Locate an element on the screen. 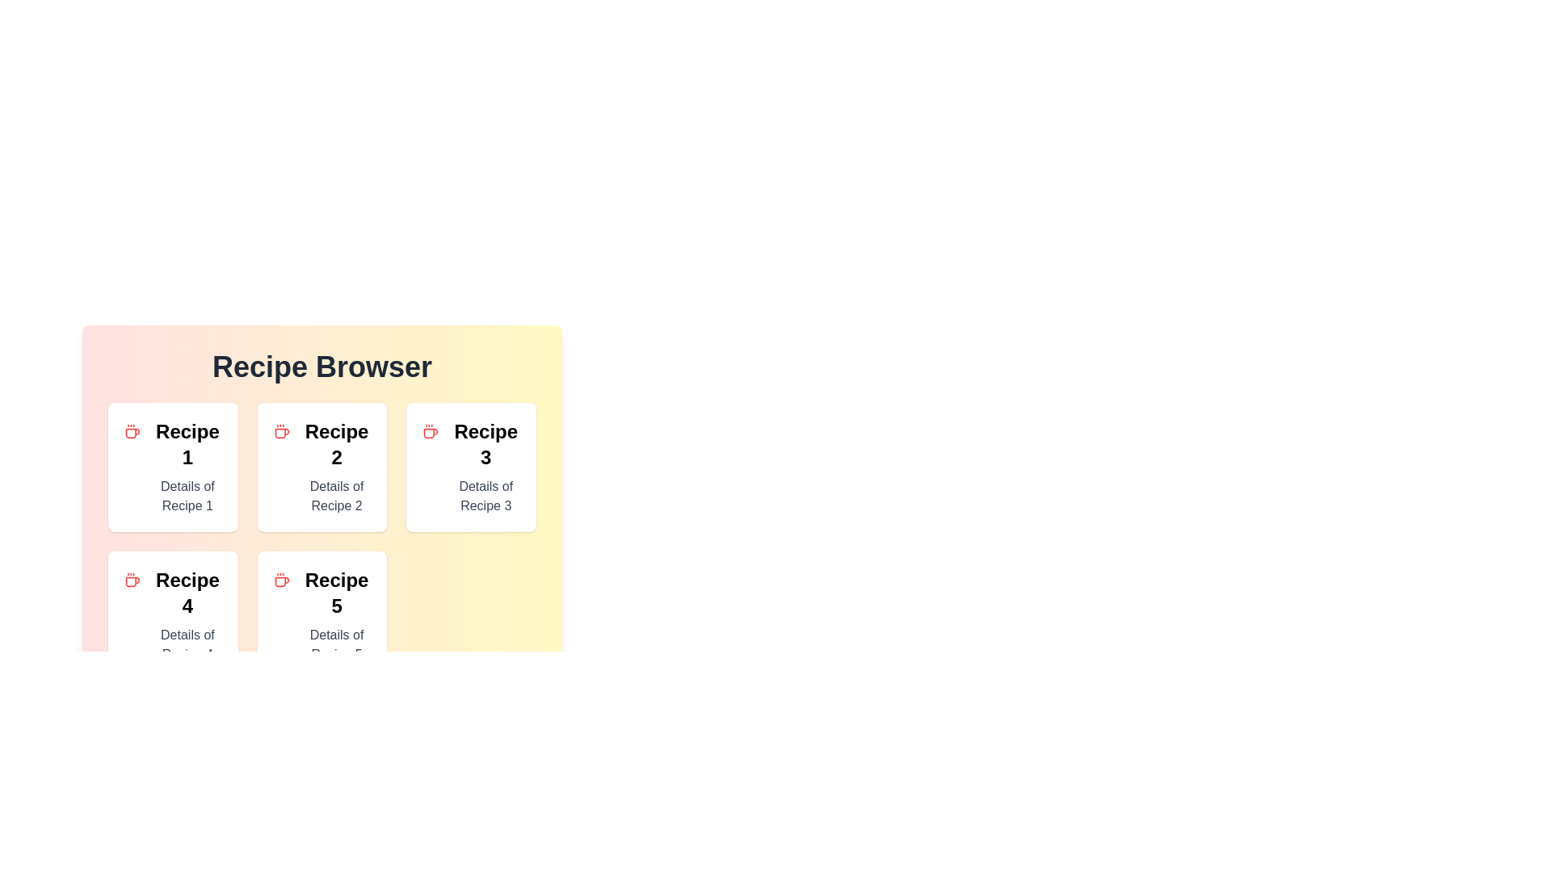 The height and width of the screenshot is (872, 1551). the Text Label that serves as a title for the associated recipe card, located in the second row and second column of the recipe grid, directly above the sibling element with the description 'Details of Recipe 5' is located at coordinates (336, 593).